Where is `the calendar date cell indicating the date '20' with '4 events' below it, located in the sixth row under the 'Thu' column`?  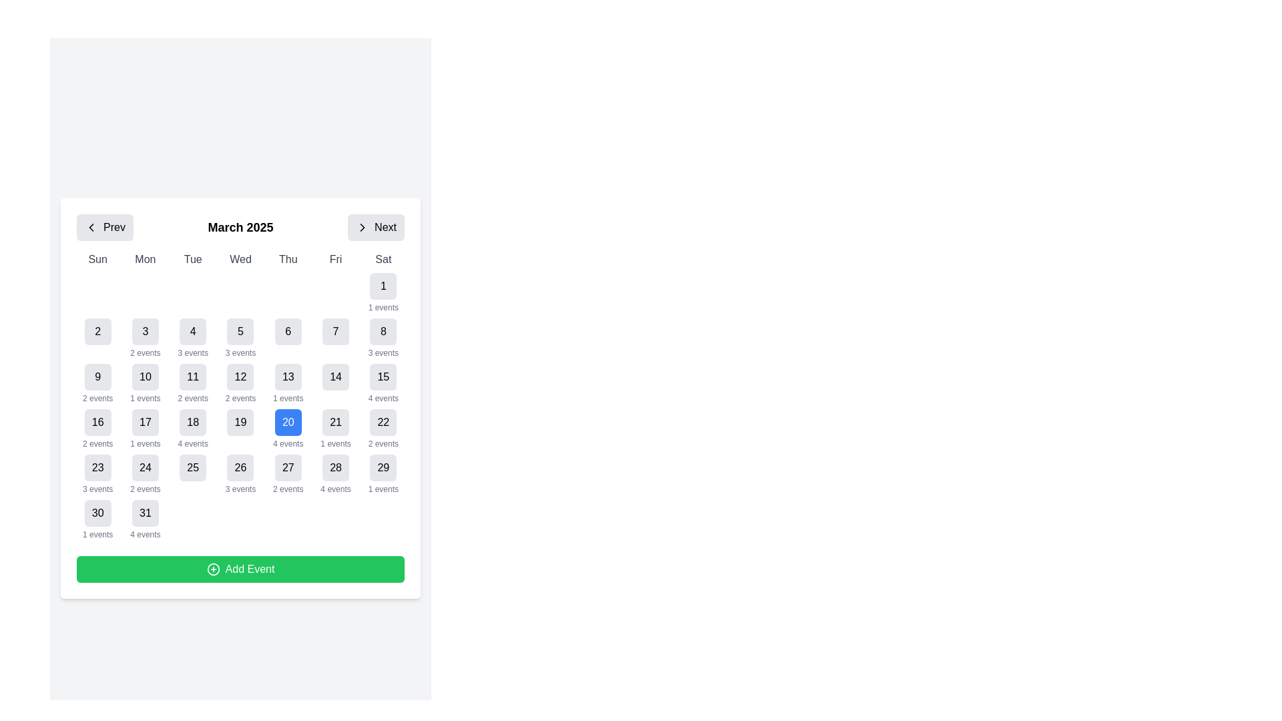
the calendar date cell indicating the date '20' with '4 events' below it, located in the sixth row under the 'Thu' column is located at coordinates (287, 429).